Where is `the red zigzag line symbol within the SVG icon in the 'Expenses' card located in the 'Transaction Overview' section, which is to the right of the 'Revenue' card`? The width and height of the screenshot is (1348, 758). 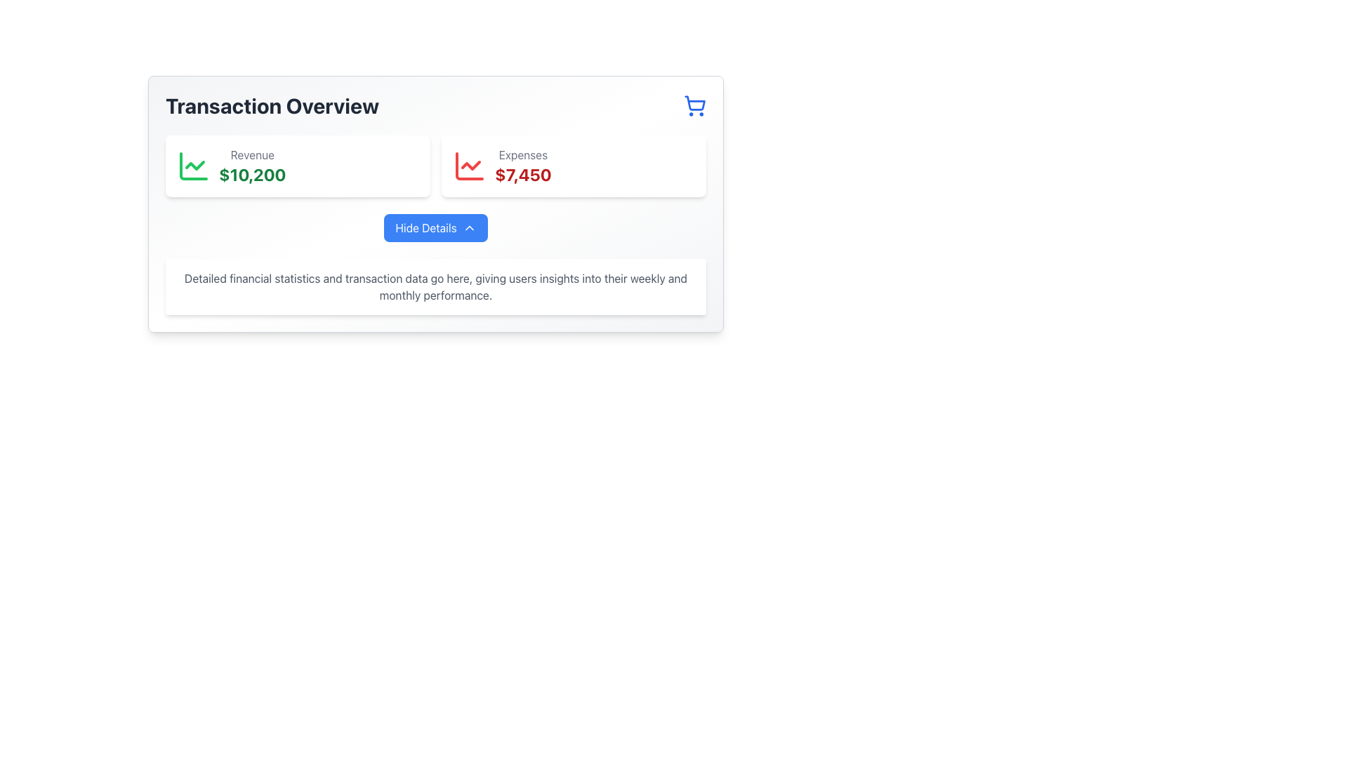 the red zigzag line symbol within the SVG icon in the 'Expenses' card located in the 'Transaction Overview' section, which is to the right of the 'Revenue' card is located at coordinates (471, 164).